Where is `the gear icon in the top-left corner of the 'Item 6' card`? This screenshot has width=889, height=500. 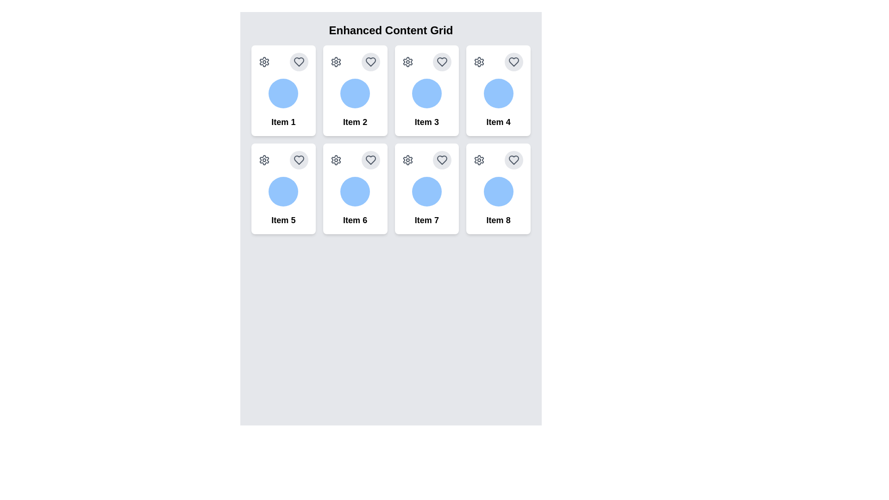 the gear icon in the top-left corner of the 'Item 6' card is located at coordinates (335, 160).